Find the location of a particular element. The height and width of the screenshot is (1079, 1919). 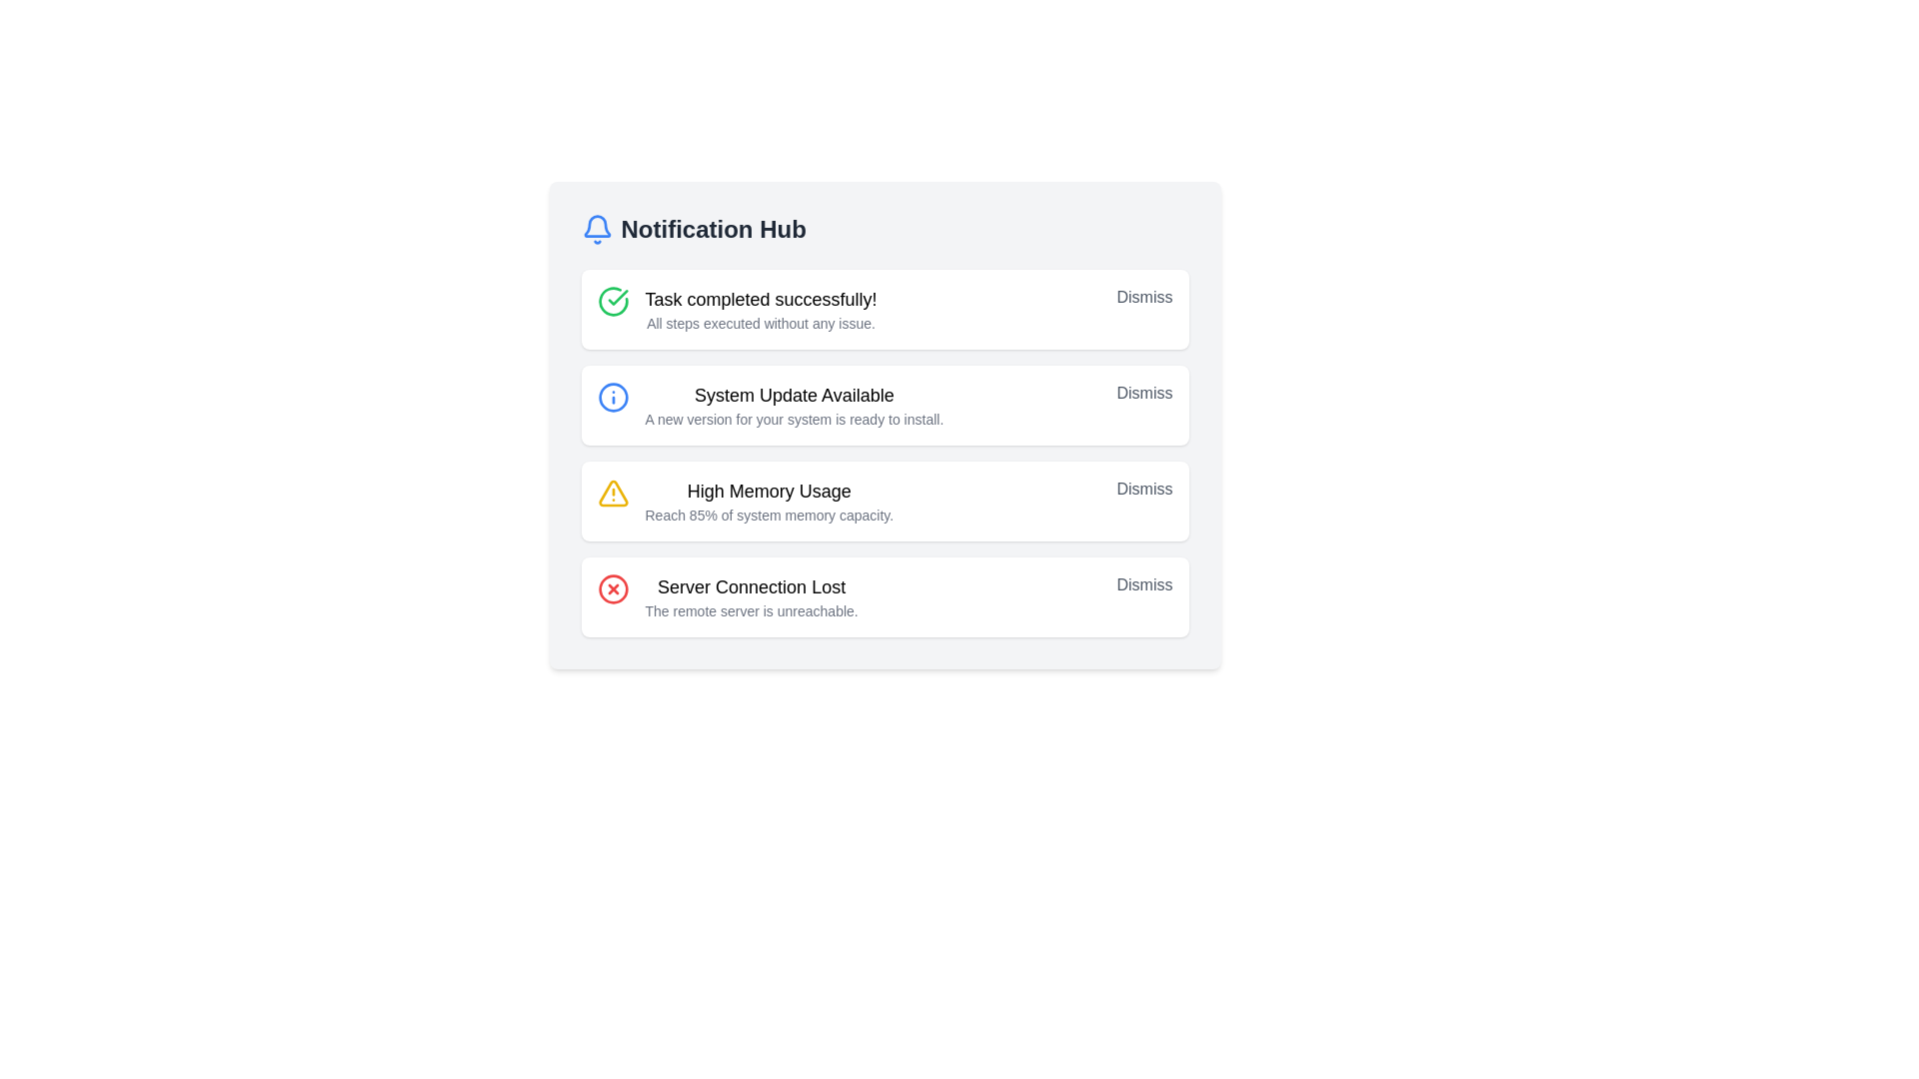

the textual notification message that reads 'The remote server is unreachable.' located below 'Server Connection Lost' within the notification card is located at coordinates (751, 610).